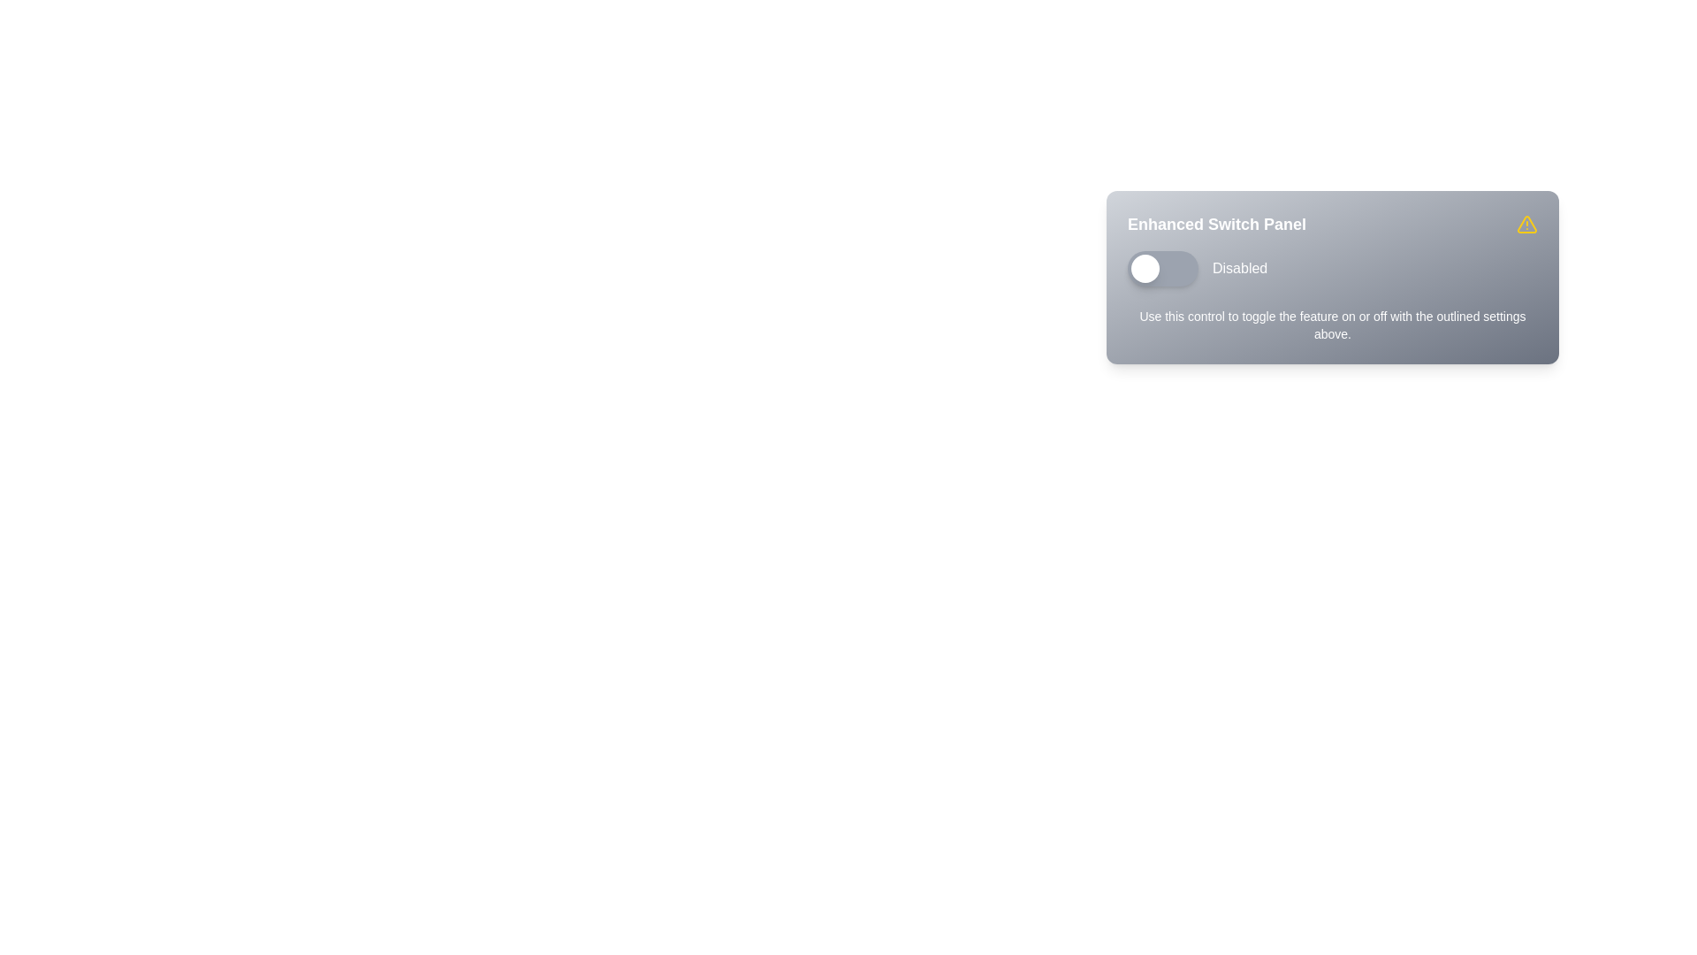  Describe the element at coordinates (1145, 269) in the screenshot. I see `the draggable knob of the toggle switch, currently in the 'off' state` at that location.